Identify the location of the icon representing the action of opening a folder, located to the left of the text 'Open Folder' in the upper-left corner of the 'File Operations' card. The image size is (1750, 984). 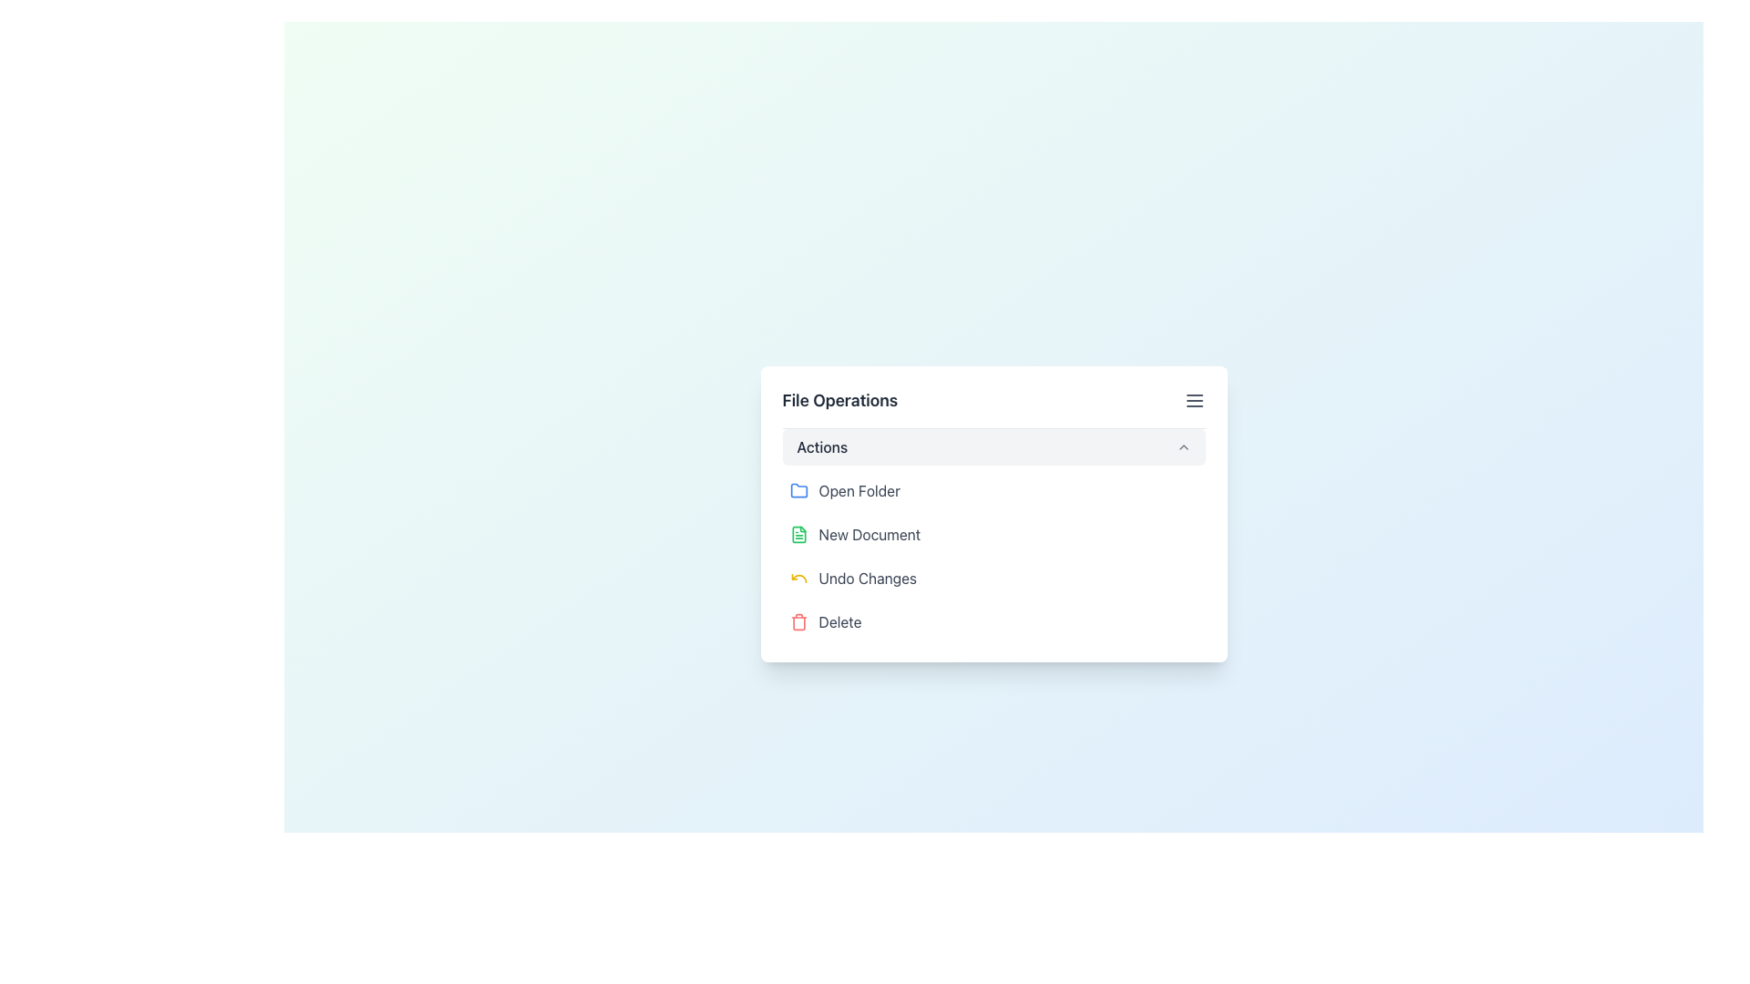
(798, 489).